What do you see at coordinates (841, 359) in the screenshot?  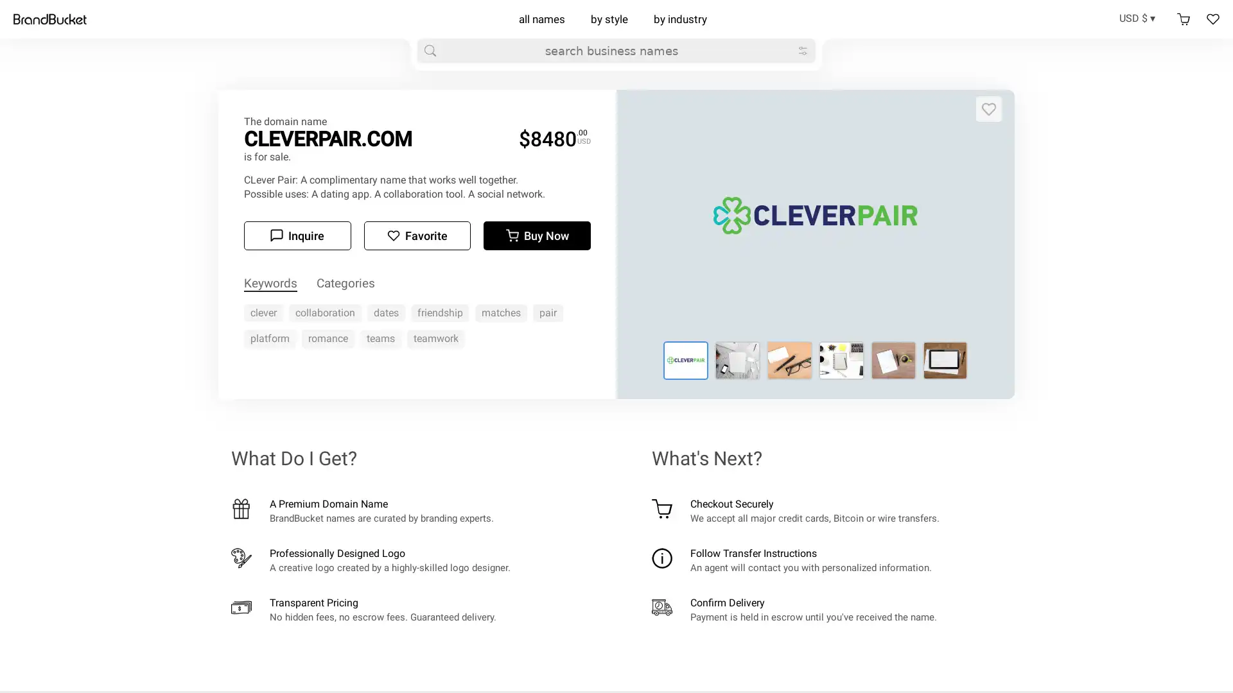 I see `Logo for cleverpair.com` at bounding box center [841, 359].